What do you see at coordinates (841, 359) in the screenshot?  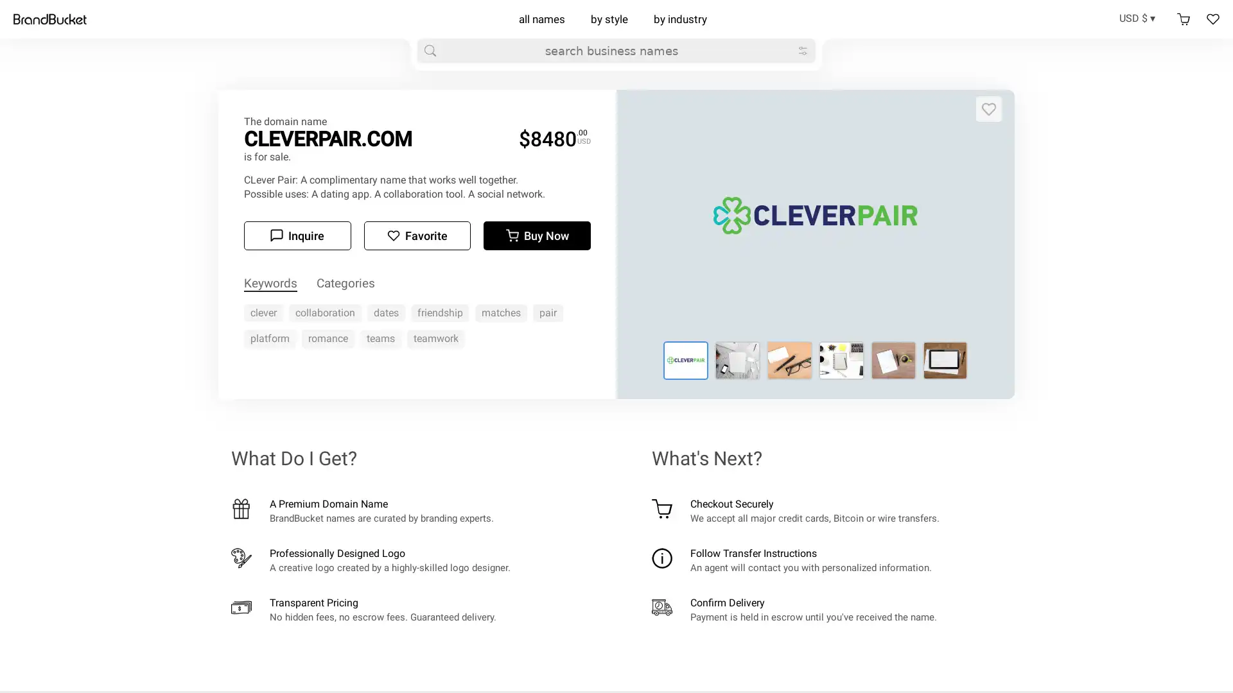 I see `Logo for cleverpair.com` at bounding box center [841, 359].